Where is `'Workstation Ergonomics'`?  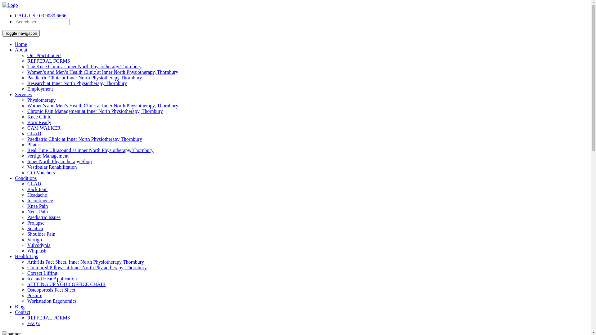
'Workstation Ergonomics' is located at coordinates (52, 301).